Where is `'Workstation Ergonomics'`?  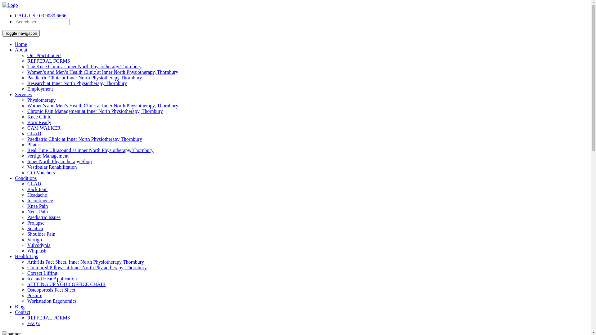
'Workstation Ergonomics' is located at coordinates (52, 301).